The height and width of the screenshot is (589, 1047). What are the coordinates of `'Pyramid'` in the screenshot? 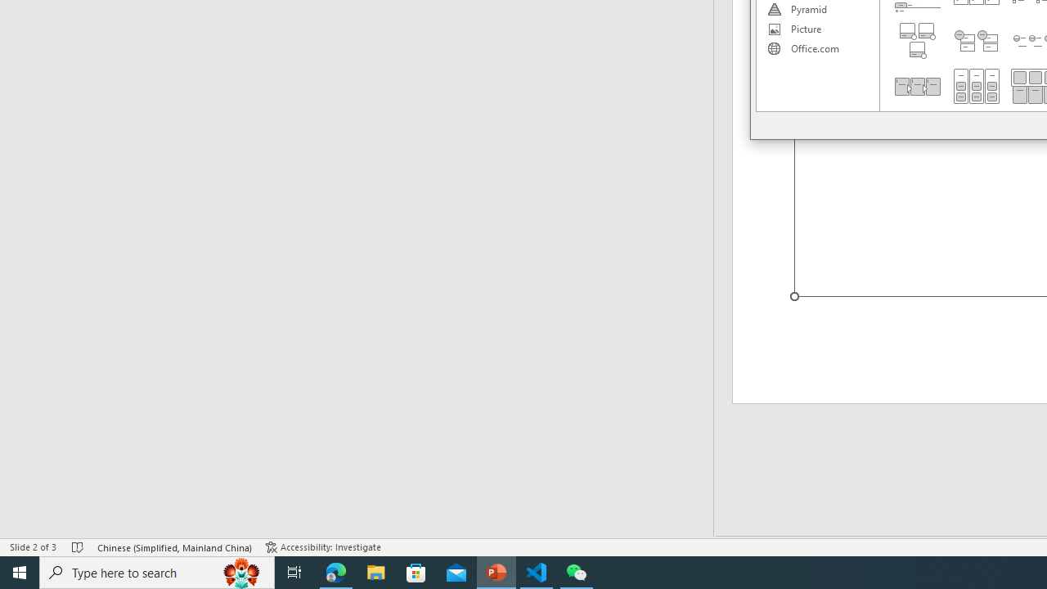 It's located at (817, 9).